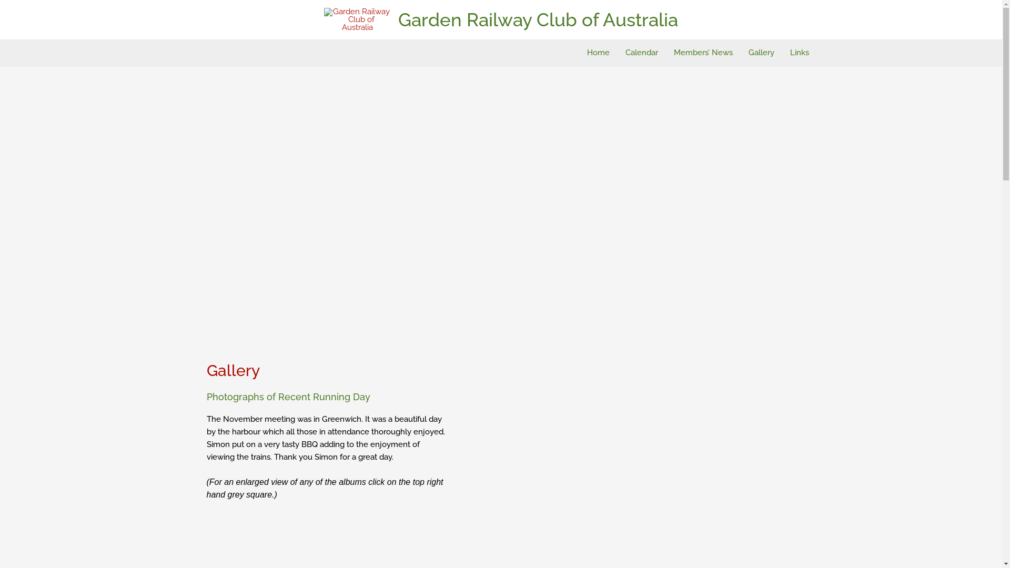  I want to click on 'Home', so click(598, 53).